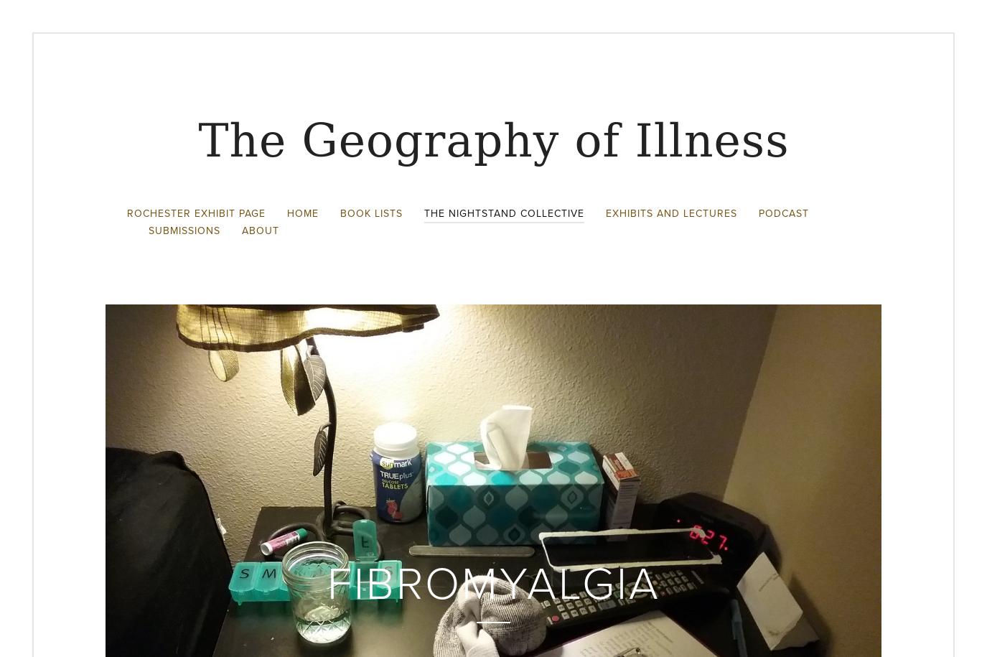  Describe the element at coordinates (302, 212) in the screenshot. I see `'Home'` at that location.